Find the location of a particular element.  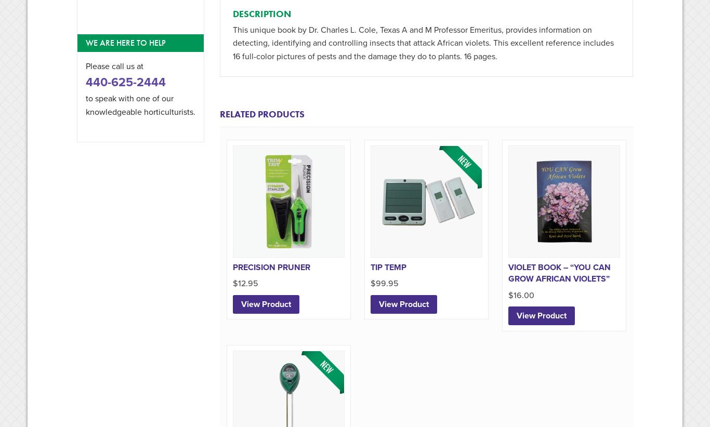

'12.95' is located at coordinates (247, 283).